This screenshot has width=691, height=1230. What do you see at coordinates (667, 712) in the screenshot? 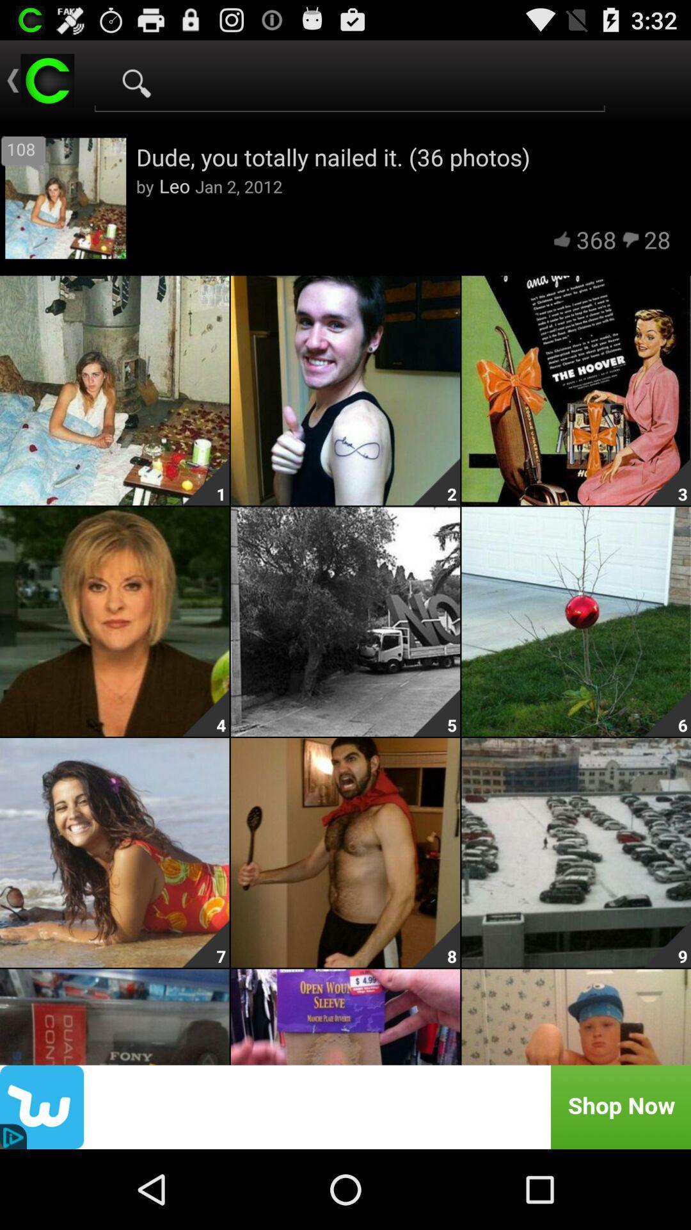
I see `the second row third image` at bounding box center [667, 712].